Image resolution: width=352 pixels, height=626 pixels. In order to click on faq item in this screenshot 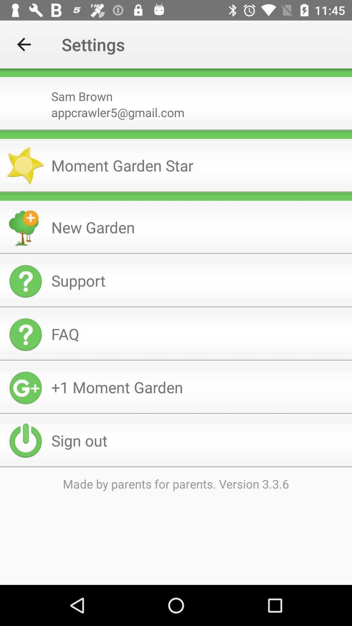, I will do `click(198, 334)`.